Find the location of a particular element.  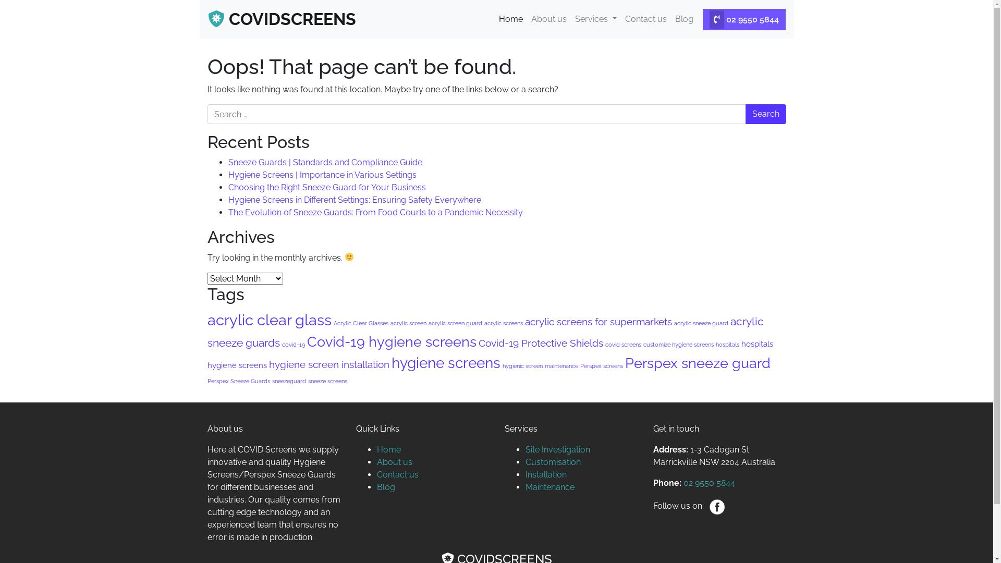

'acrylic screens for supermarkets' is located at coordinates (598, 321).